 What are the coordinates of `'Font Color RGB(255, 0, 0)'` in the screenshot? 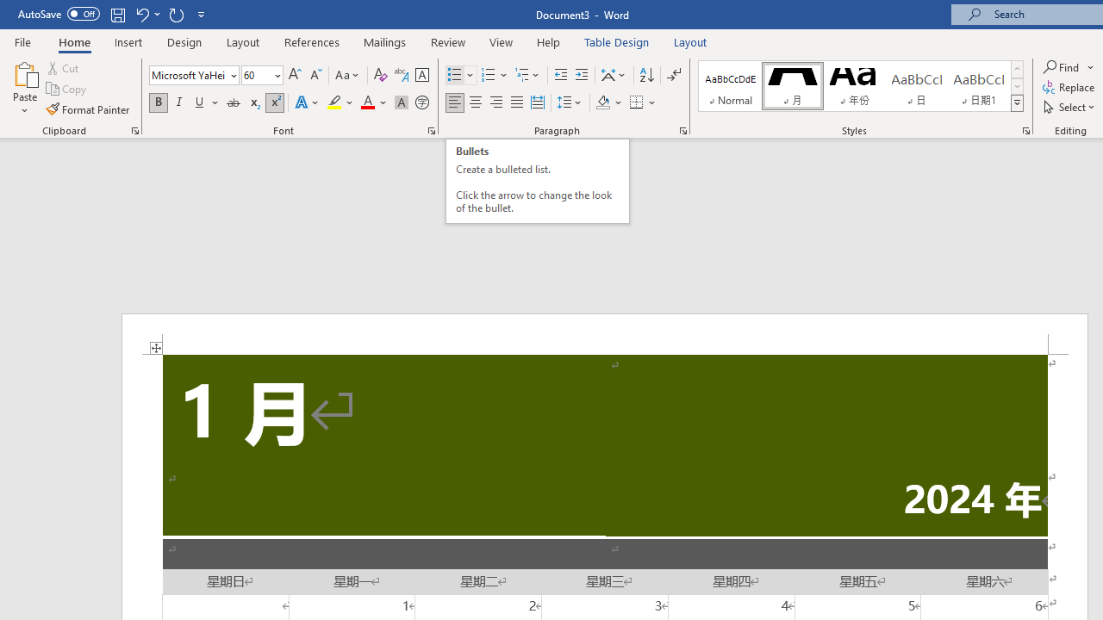 It's located at (366, 102).